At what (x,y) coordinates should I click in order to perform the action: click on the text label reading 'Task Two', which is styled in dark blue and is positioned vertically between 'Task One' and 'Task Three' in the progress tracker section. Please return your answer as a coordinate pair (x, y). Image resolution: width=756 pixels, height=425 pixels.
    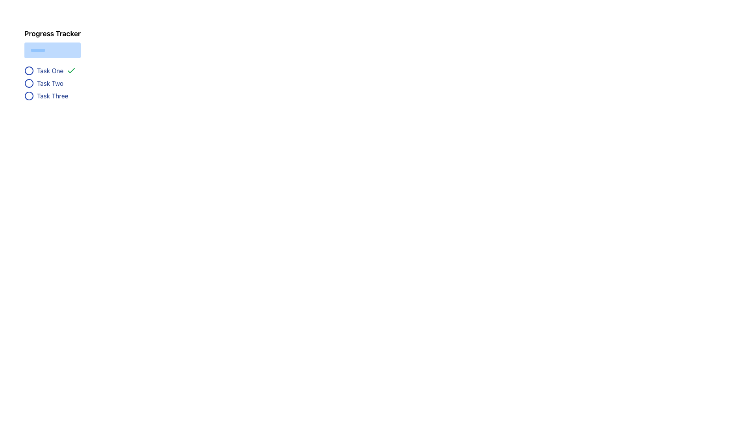
    Looking at the image, I should click on (50, 83).